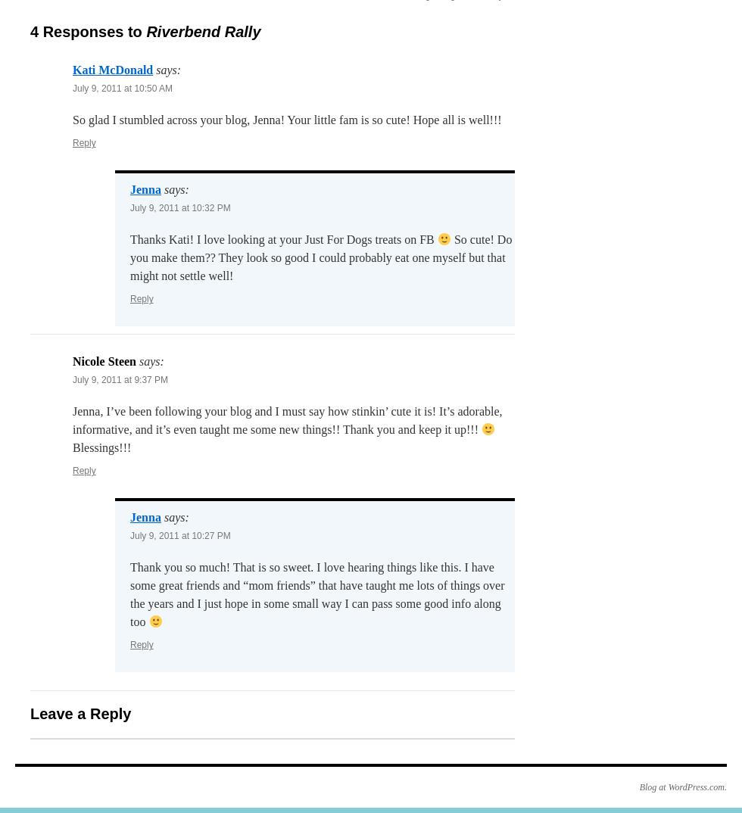  Describe the element at coordinates (180, 208) in the screenshot. I see `'July 9, 2011 at 10:32 PM'` at that location.